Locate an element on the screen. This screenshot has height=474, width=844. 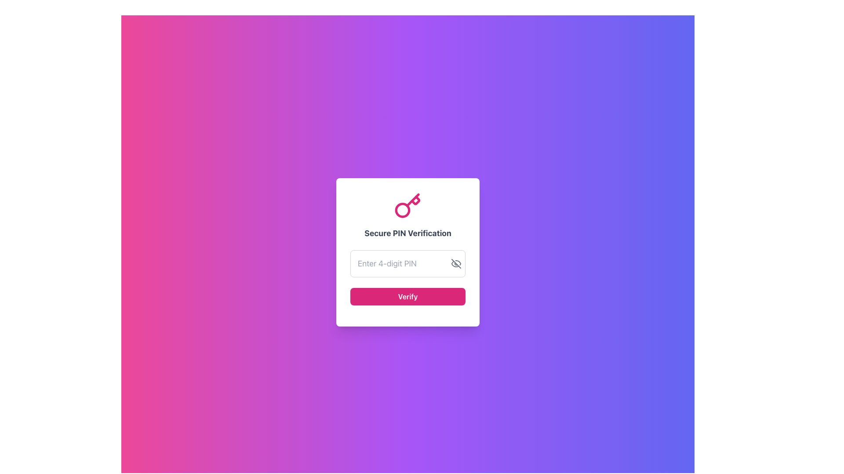
inside the text input field for entering a 4-digit PIN, which is styled with a light-gray border and has a placeholder text 'Enter 4-digit PIN', to focus it is located at coordinates (407, 263).